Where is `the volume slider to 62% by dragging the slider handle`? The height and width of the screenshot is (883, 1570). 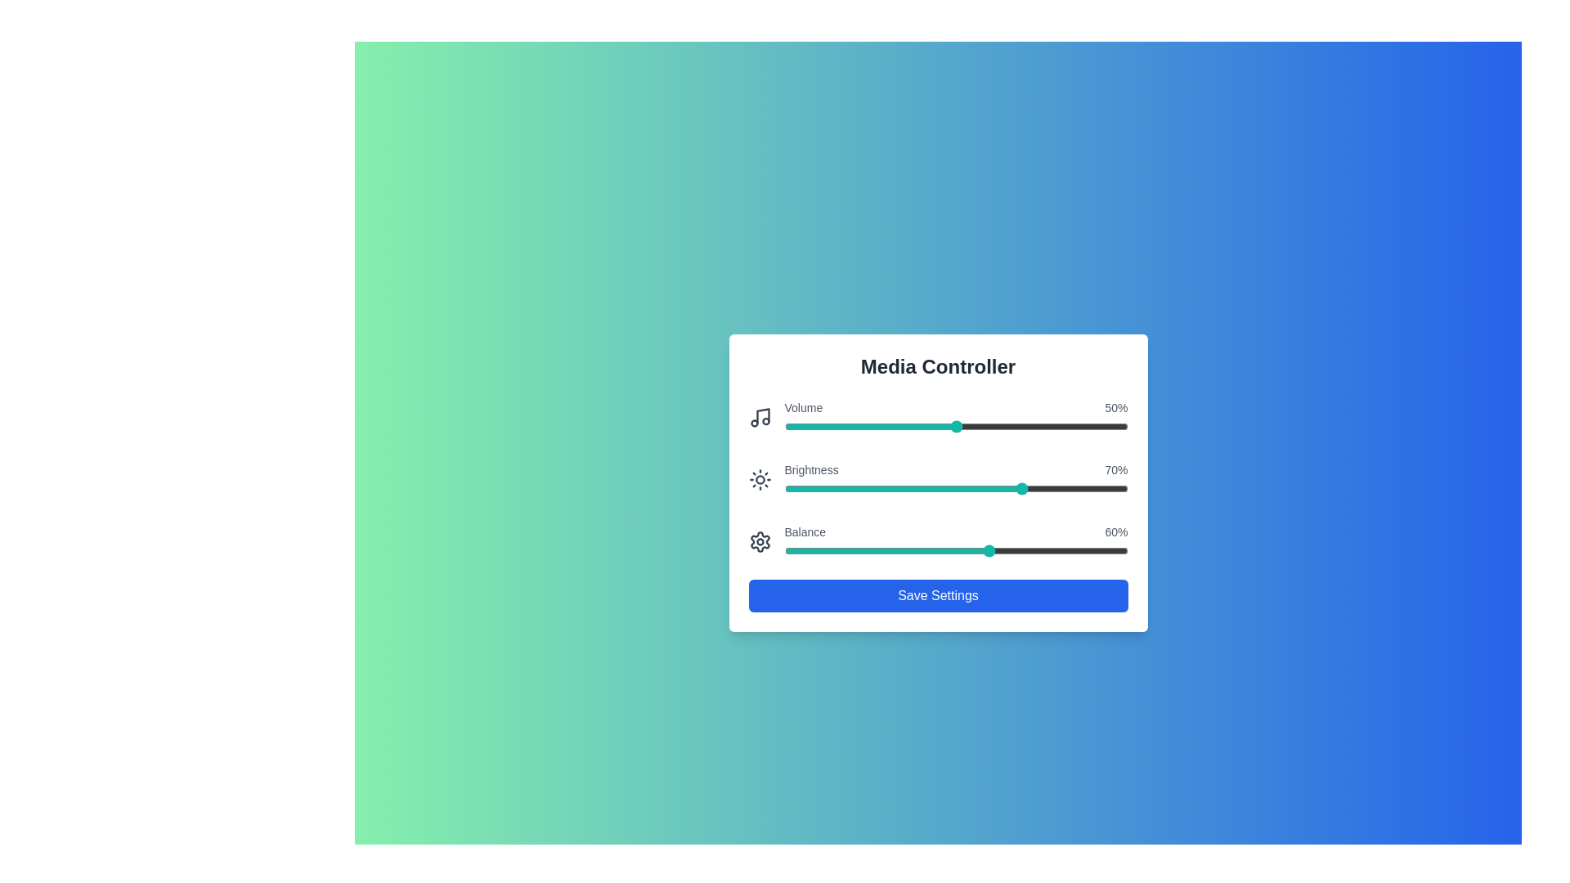 the volume slider to 62% by dragging the slider handle is located at coordinates (996, 425).